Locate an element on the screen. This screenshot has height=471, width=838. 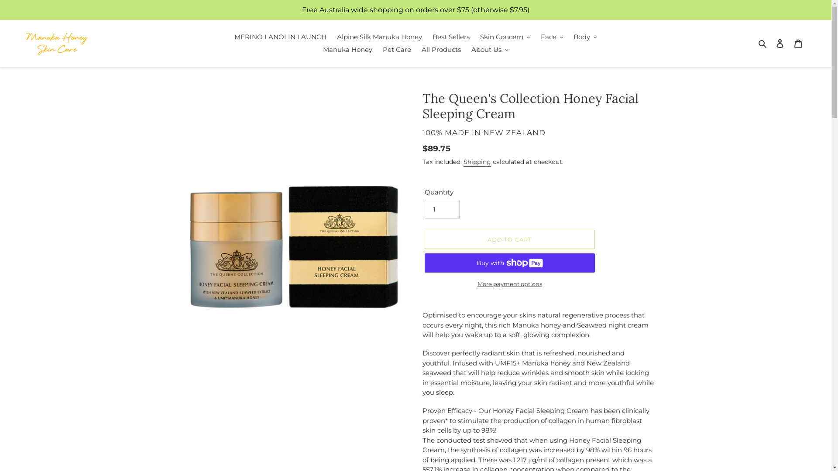
'Shipping' is located at coordinates (477, 162).